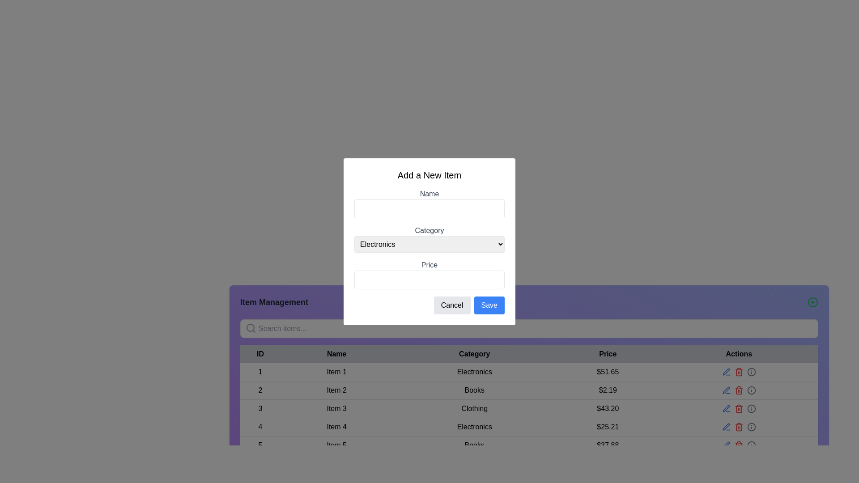 The height and width of the screenshot is (483, 859). I want to click on the delete icon, which is the second icon in the Actions column next to the price '$43.20', so click(739, 409).